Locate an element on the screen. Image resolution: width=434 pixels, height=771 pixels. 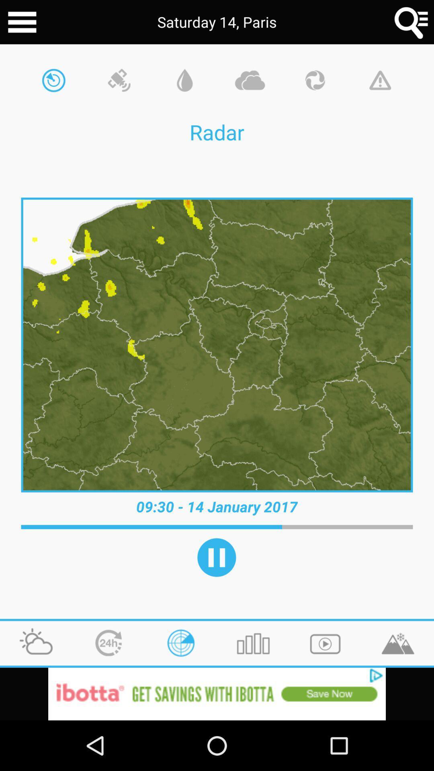
search is located at coordinates (411, 22).